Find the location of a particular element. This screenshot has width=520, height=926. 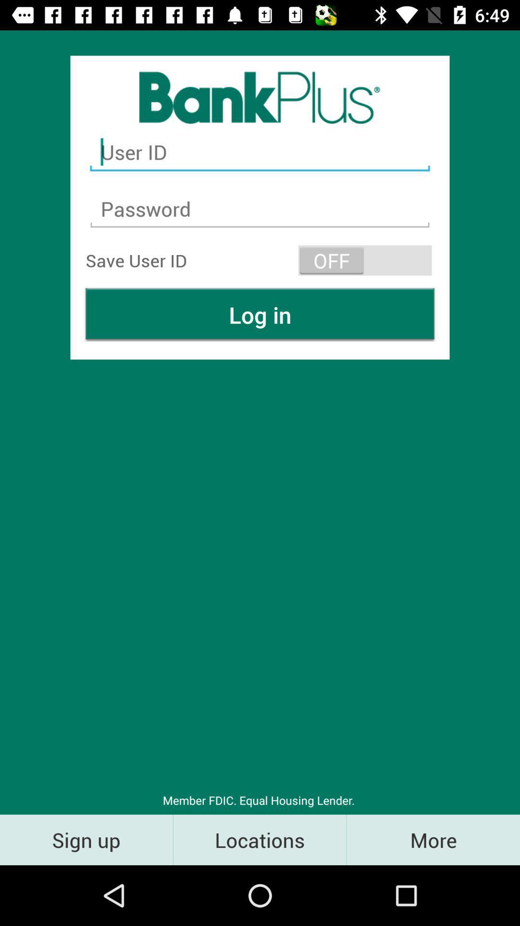

icon below member fdic equal icon is located at coordinates (432, 839).